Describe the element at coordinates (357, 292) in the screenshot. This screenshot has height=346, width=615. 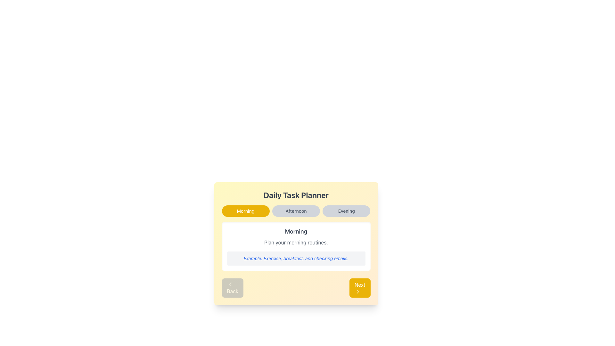
I see `the chevron icon within the 'Next' button at the bottom-right corner of the application, which signifies progression in navigation` at that location.